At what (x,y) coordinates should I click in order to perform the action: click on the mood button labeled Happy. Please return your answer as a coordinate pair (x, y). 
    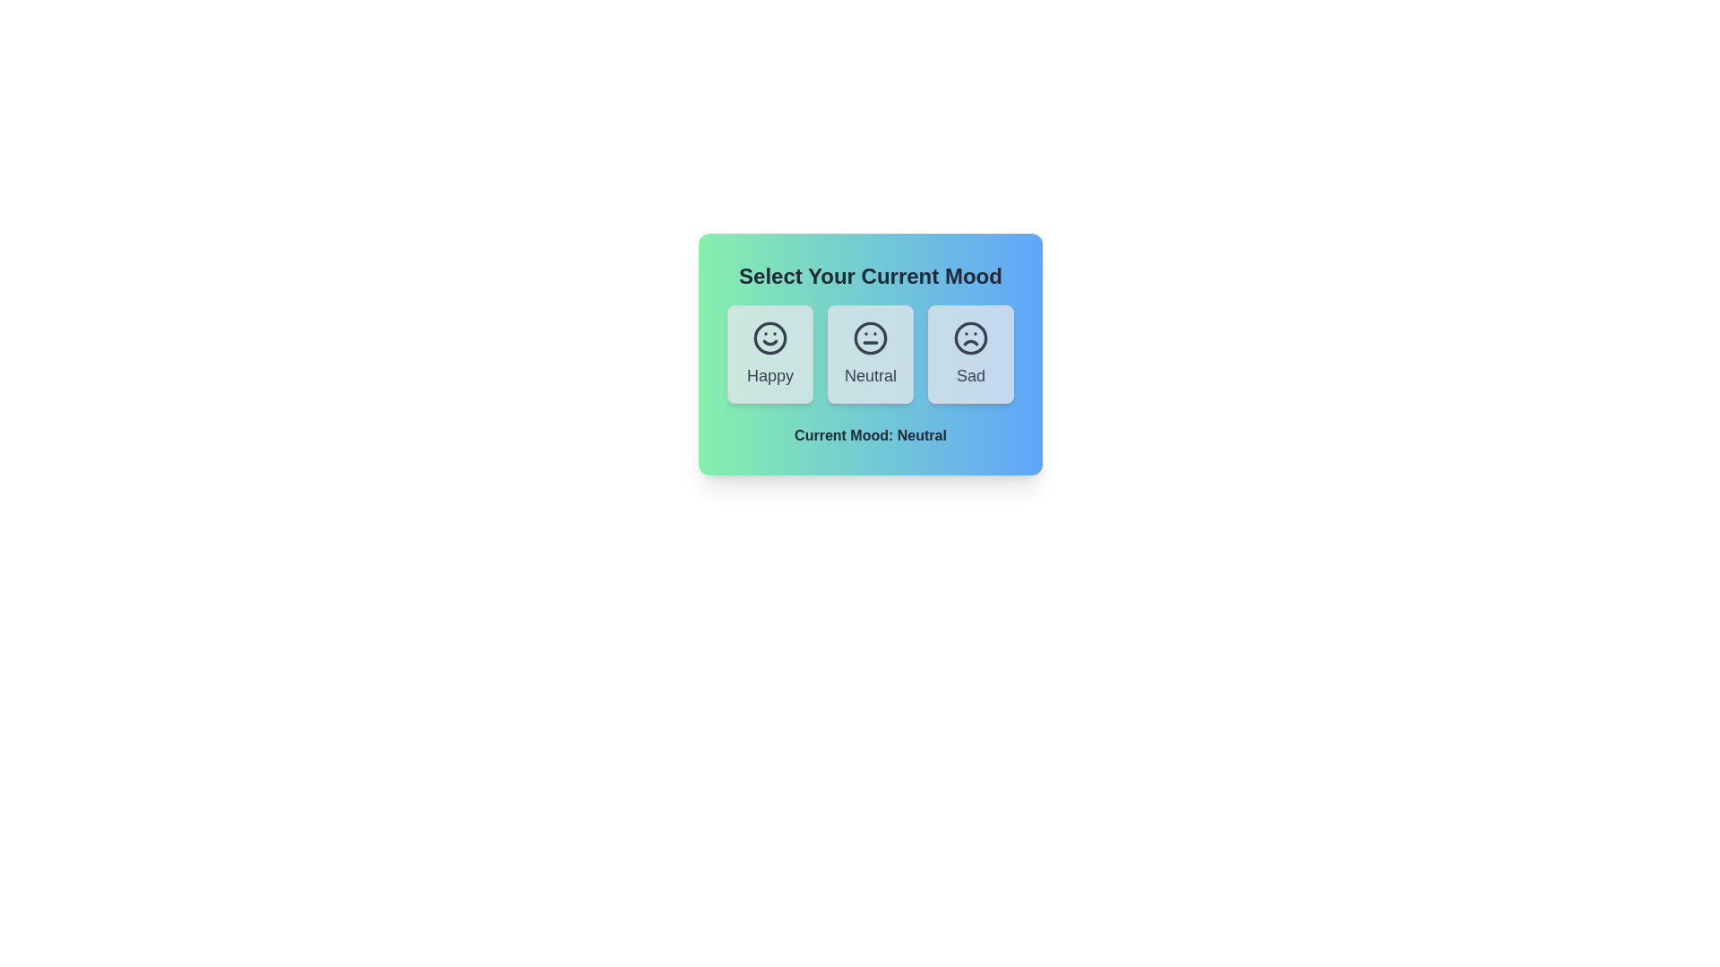
    Looking at the image, I should click on (770, 355).